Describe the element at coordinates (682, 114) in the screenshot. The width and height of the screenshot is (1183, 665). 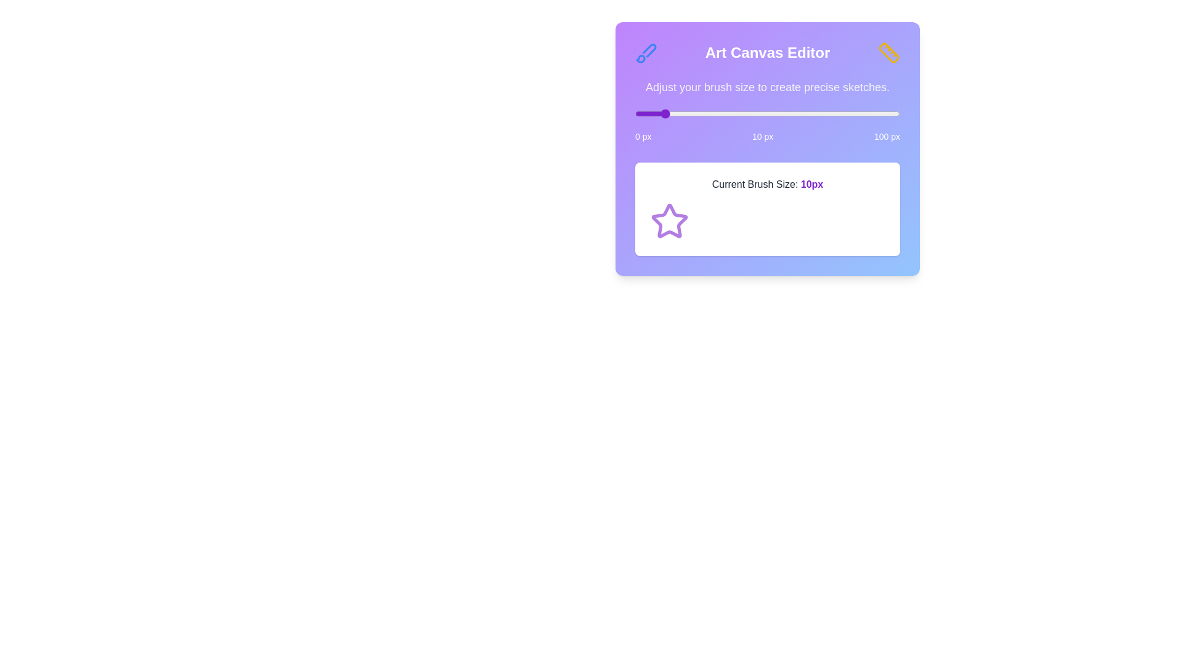
I see `the brush size slider to 18 px` at that location.